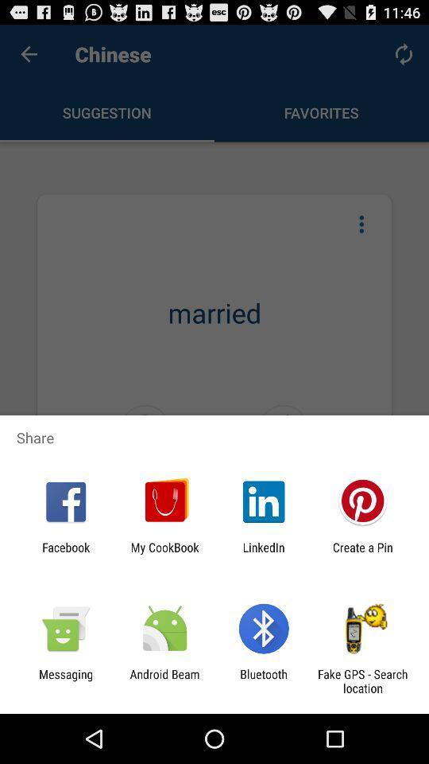 The image size is (429, 764). Describe the element at coordinates (164, 680) in the screenshot. I see `item next to messaging item` at that location.